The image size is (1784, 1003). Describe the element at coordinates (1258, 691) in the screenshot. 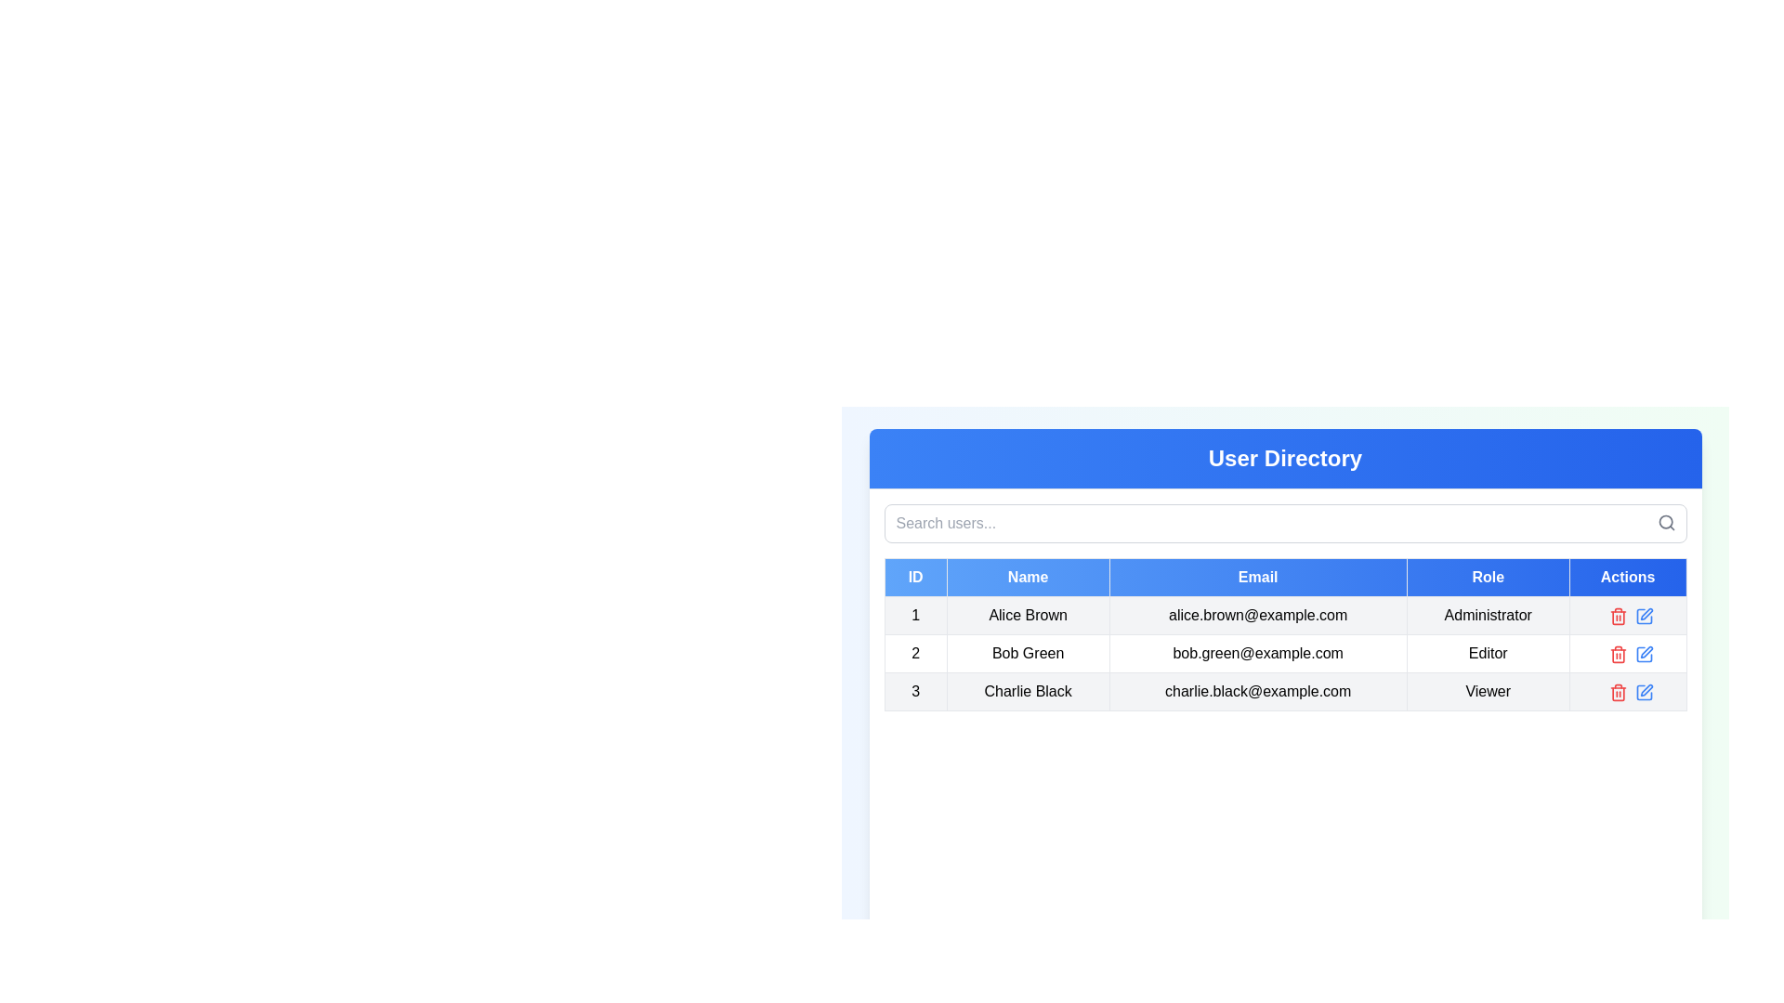

I see `the static text field displaying the email address of the user 'Charlie Black' in the 'User Directory' section, located in the third row of the table` at that location.